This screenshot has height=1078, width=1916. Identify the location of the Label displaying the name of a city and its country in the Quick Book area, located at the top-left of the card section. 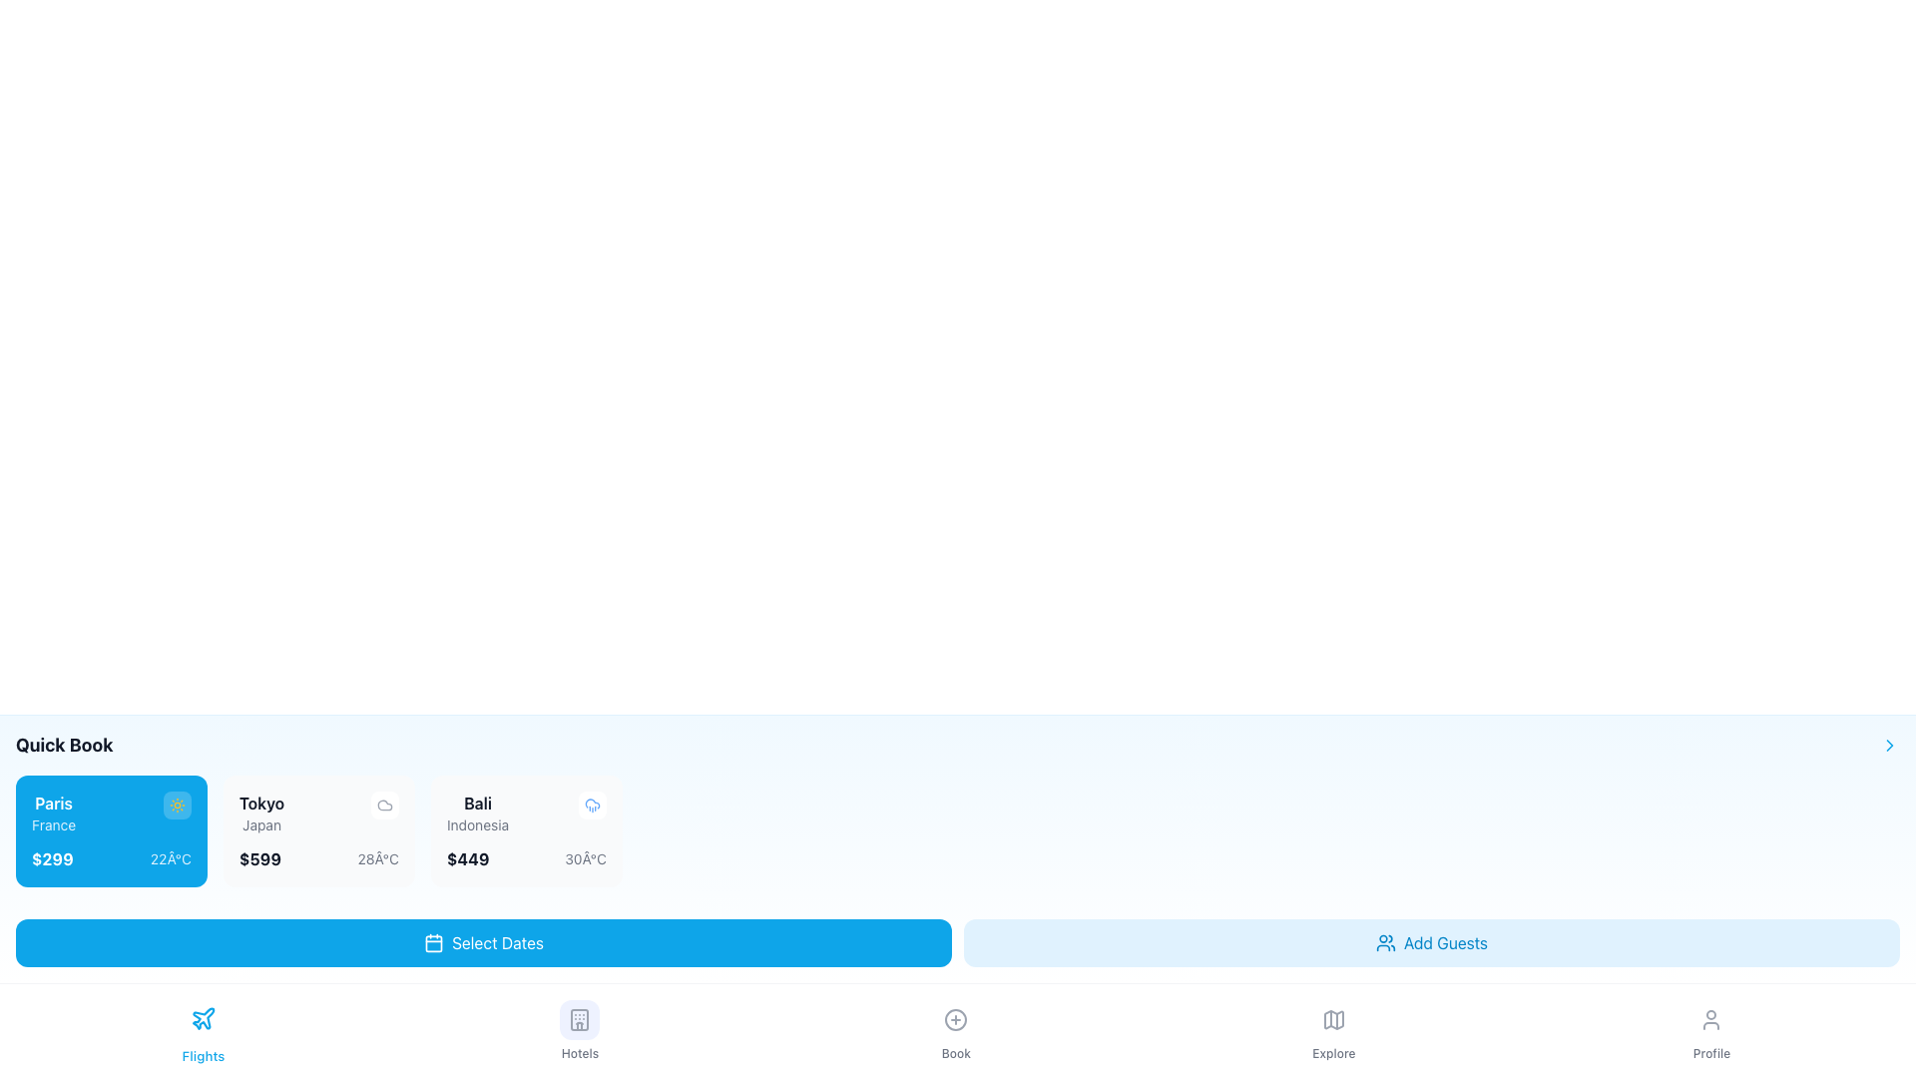
(54, 812).